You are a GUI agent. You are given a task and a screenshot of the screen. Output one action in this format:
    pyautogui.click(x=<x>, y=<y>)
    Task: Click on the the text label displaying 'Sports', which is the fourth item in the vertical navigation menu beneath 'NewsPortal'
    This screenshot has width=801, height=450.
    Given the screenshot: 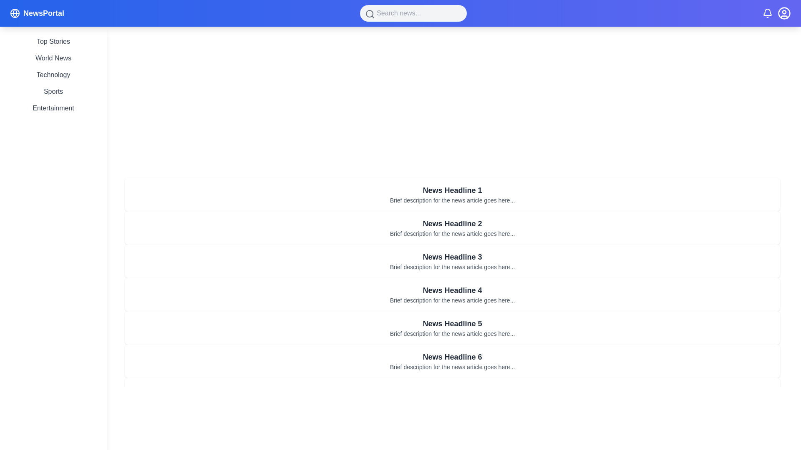 What is the action you would take?
    pyautogui.click(x=53, y=91)
    